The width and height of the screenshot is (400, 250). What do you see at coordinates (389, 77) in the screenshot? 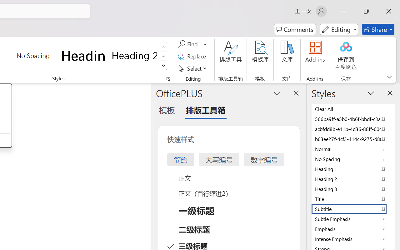
I see `'Ribbon Display Options'` at bounding box center [389, 77].